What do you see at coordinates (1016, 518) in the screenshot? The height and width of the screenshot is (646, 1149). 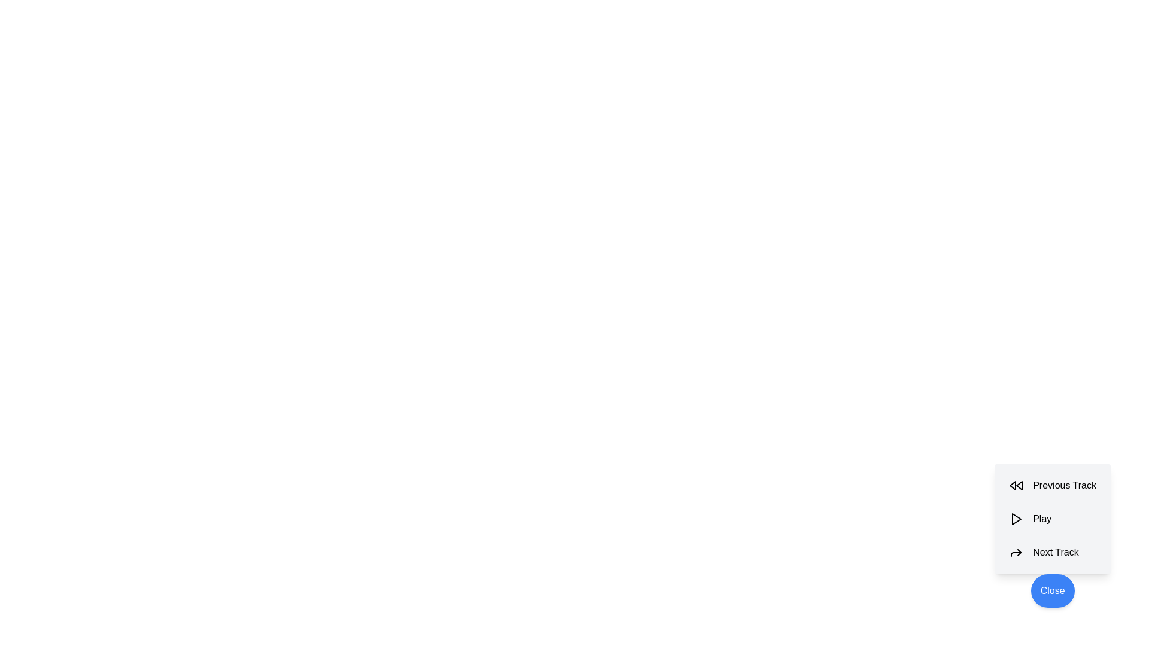 I see `the 'Play' button using keyboard navigation` at bounding box center [1016, 518].